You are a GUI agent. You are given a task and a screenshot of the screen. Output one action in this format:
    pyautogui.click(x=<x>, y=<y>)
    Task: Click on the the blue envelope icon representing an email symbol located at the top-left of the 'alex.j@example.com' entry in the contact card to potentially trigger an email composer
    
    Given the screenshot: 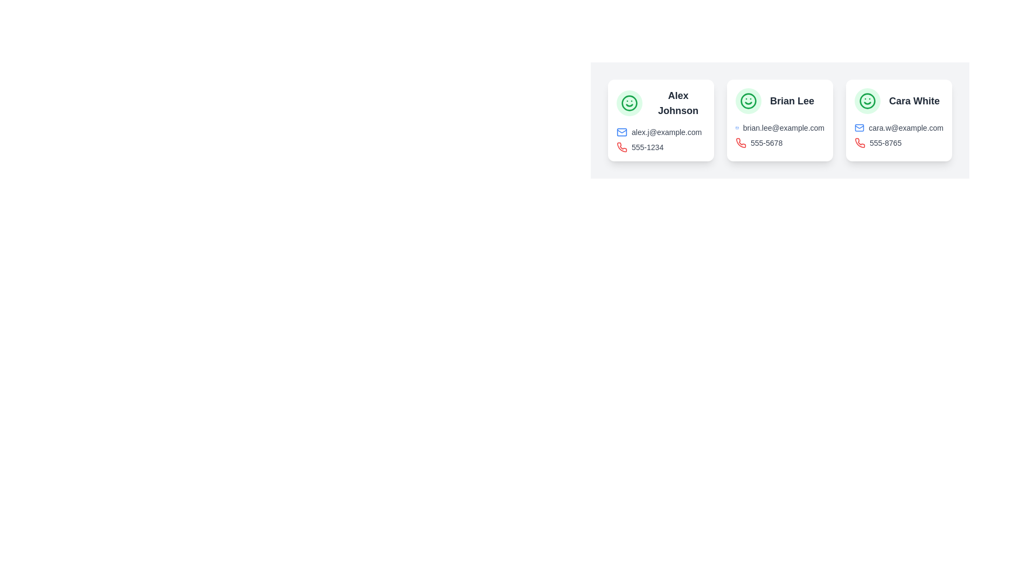 What is the action you would take?
    pyautogui.click(x=622, y=132)
    